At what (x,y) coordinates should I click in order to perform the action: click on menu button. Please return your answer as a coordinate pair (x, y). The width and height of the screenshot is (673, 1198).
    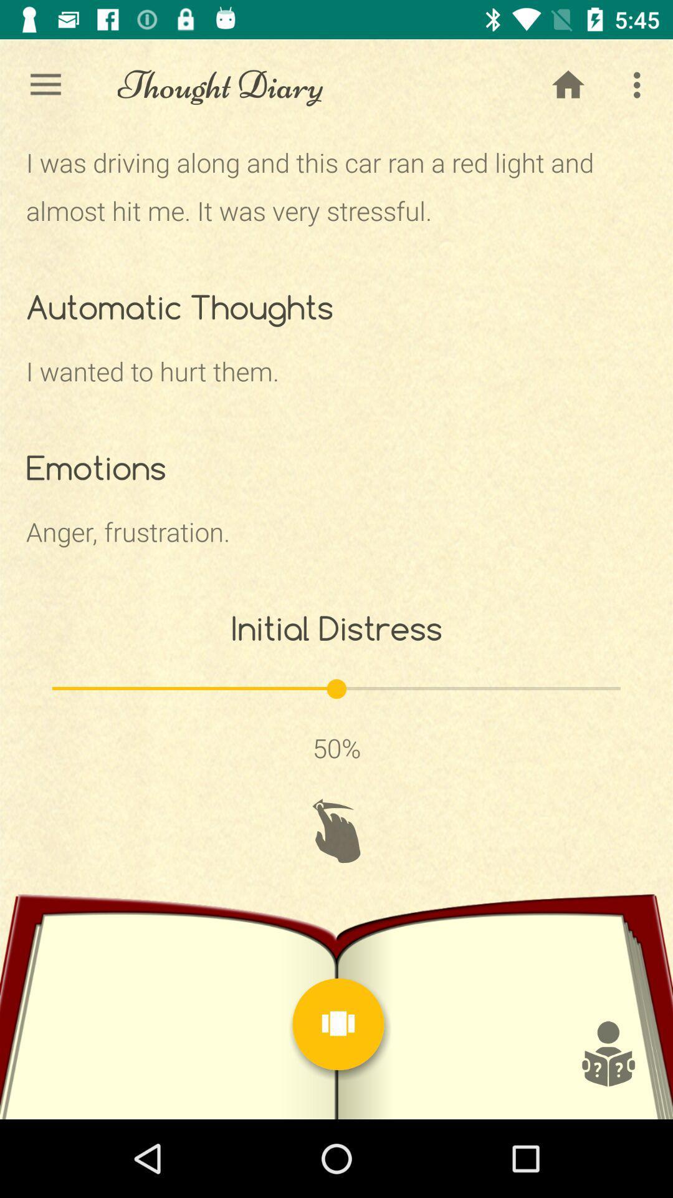
    Looking at the image, I should click on (338, 1024).